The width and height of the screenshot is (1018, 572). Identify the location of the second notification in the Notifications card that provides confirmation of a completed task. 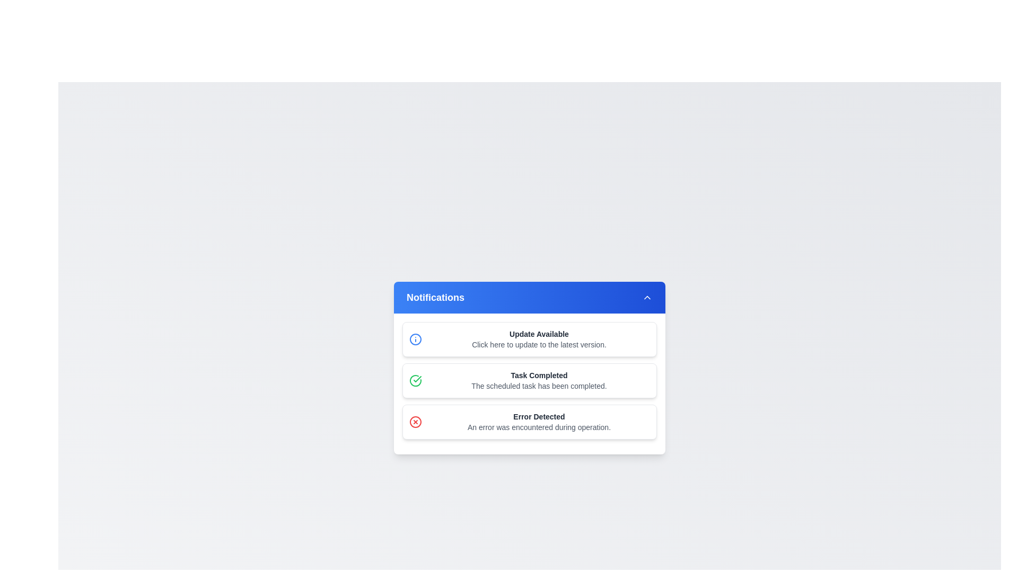
(529, 367).